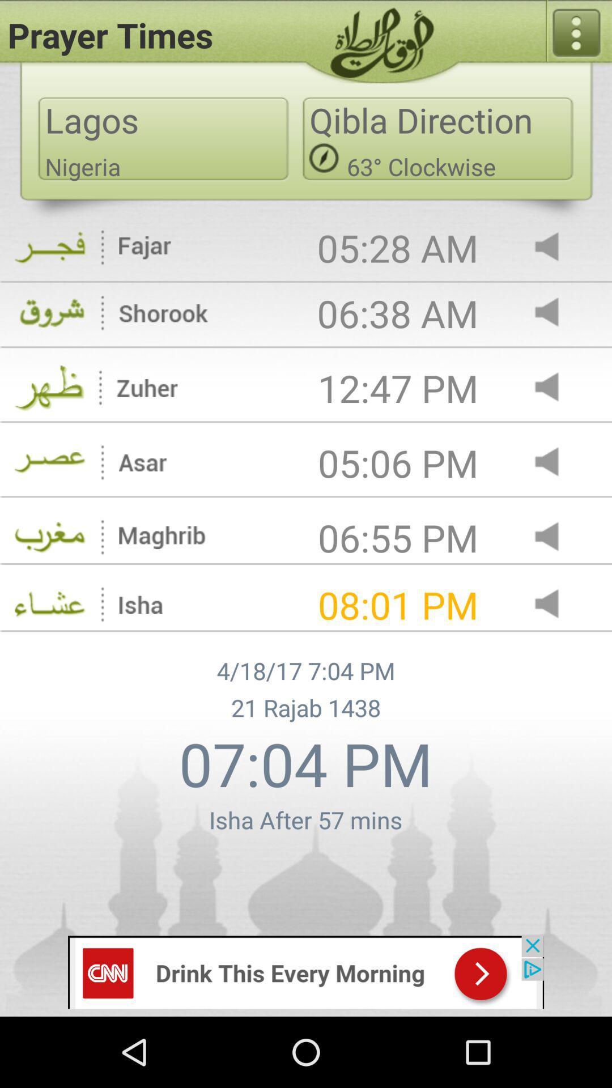 This screenshot has width=612, height=1088. I want to click on move to the button which is left to the maghrib, so click(49, 537).